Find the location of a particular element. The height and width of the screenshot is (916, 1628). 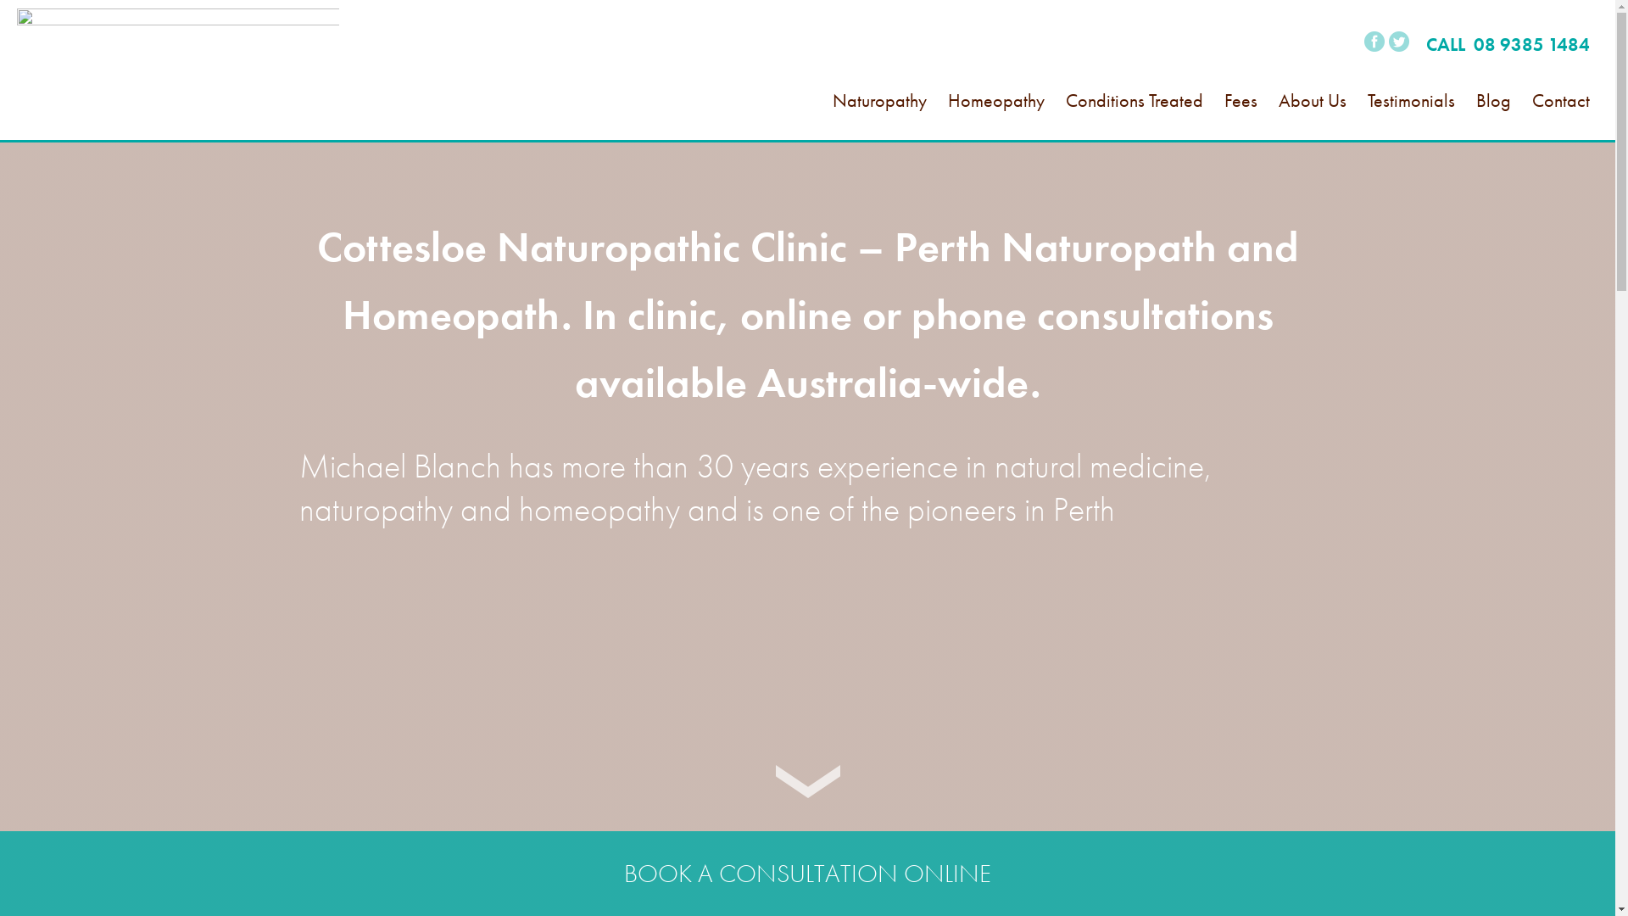

'Naturopathy' is located at coordinates (833, 119).